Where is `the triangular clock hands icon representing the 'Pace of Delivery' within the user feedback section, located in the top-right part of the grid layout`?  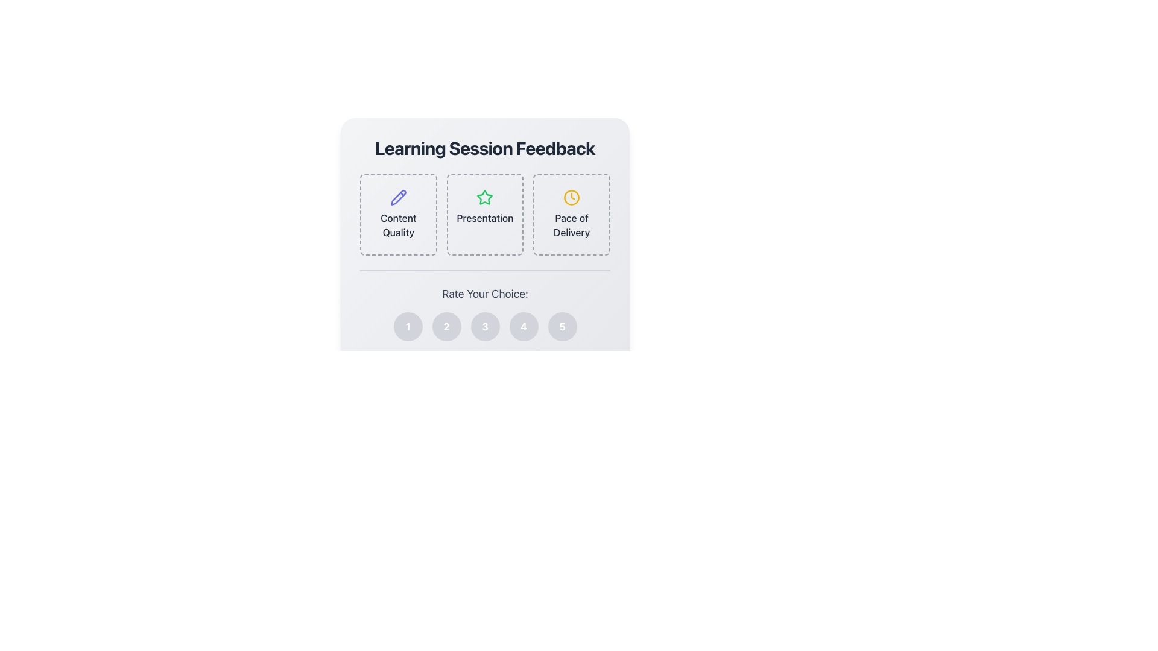
the triangular clock hands icon representing the 'Pace of Delivery' within the user feedback section, located in the top-right part of the grid layout is located at coordinates (572, 195).